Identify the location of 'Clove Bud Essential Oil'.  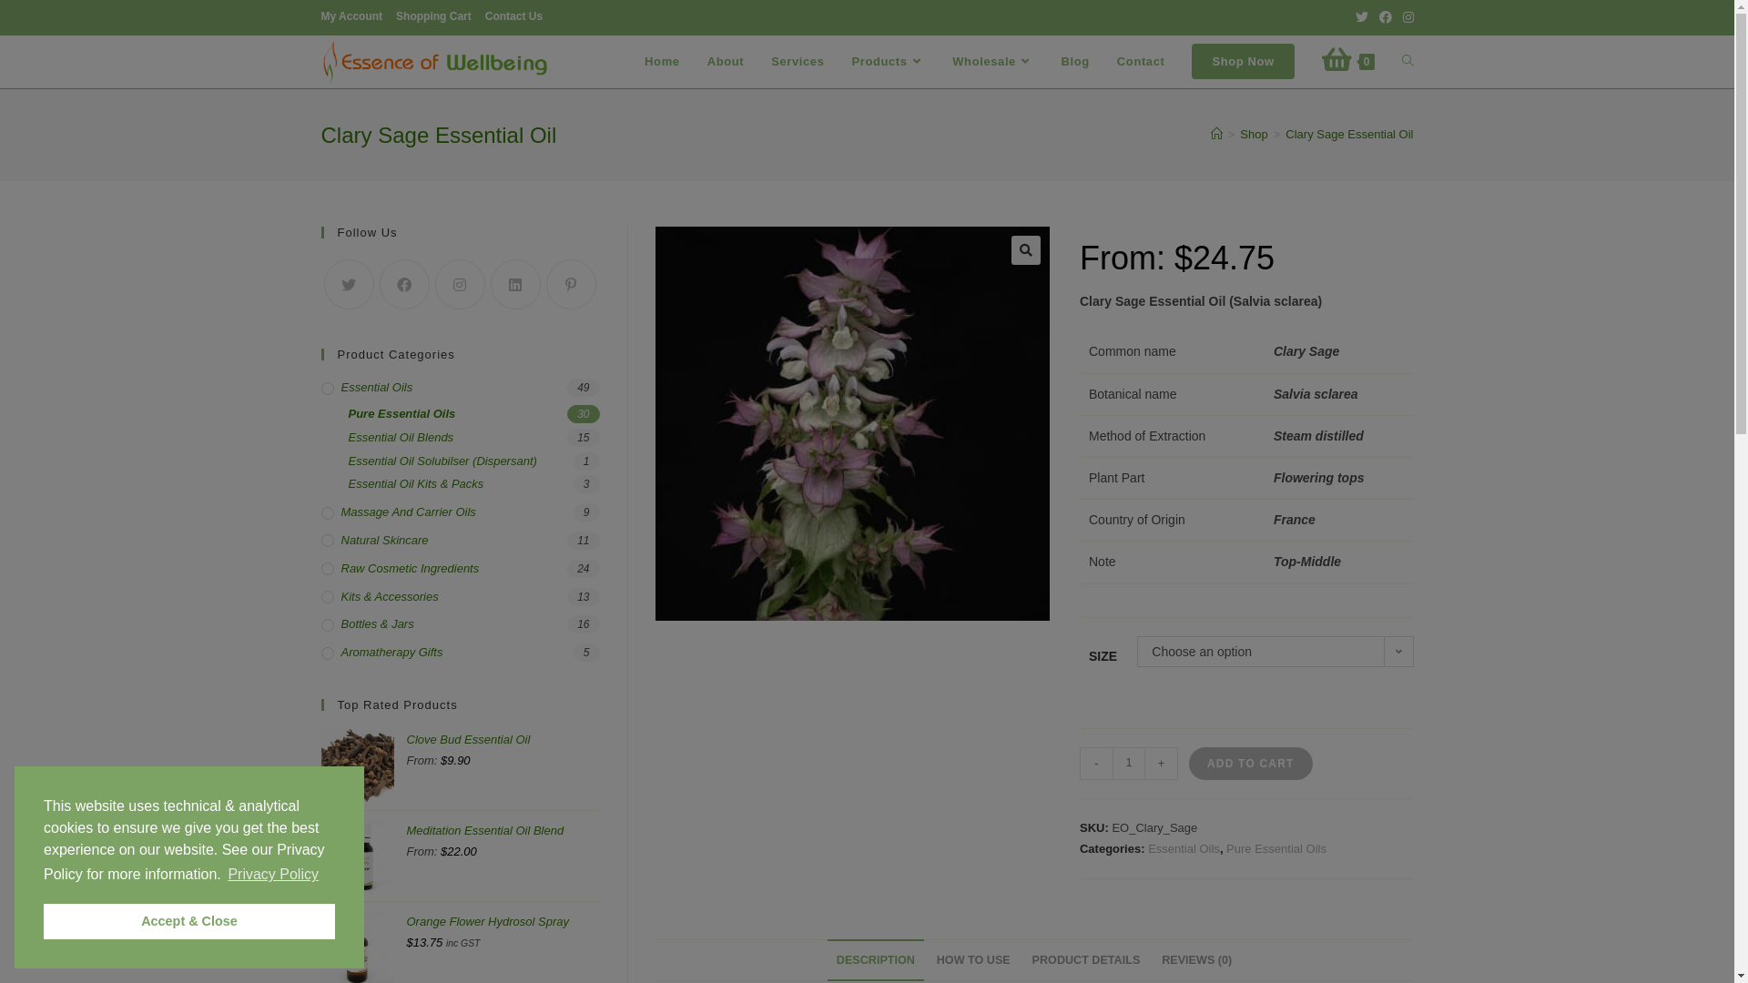
(503, 750).